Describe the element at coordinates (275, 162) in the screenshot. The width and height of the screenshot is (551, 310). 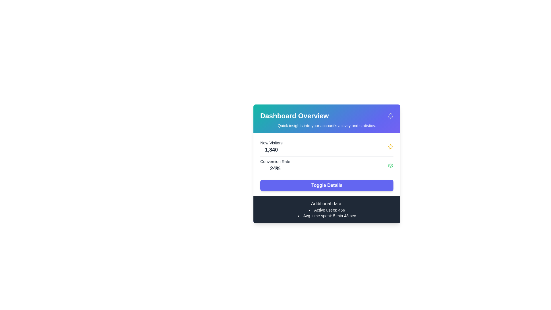
I see `the static text label that describes the metric represented by the percentage '24%', which is positioned beneath 'New Visitors 1,340' and above the percentage value '24%' within the dashboard-style card interface` at that location.